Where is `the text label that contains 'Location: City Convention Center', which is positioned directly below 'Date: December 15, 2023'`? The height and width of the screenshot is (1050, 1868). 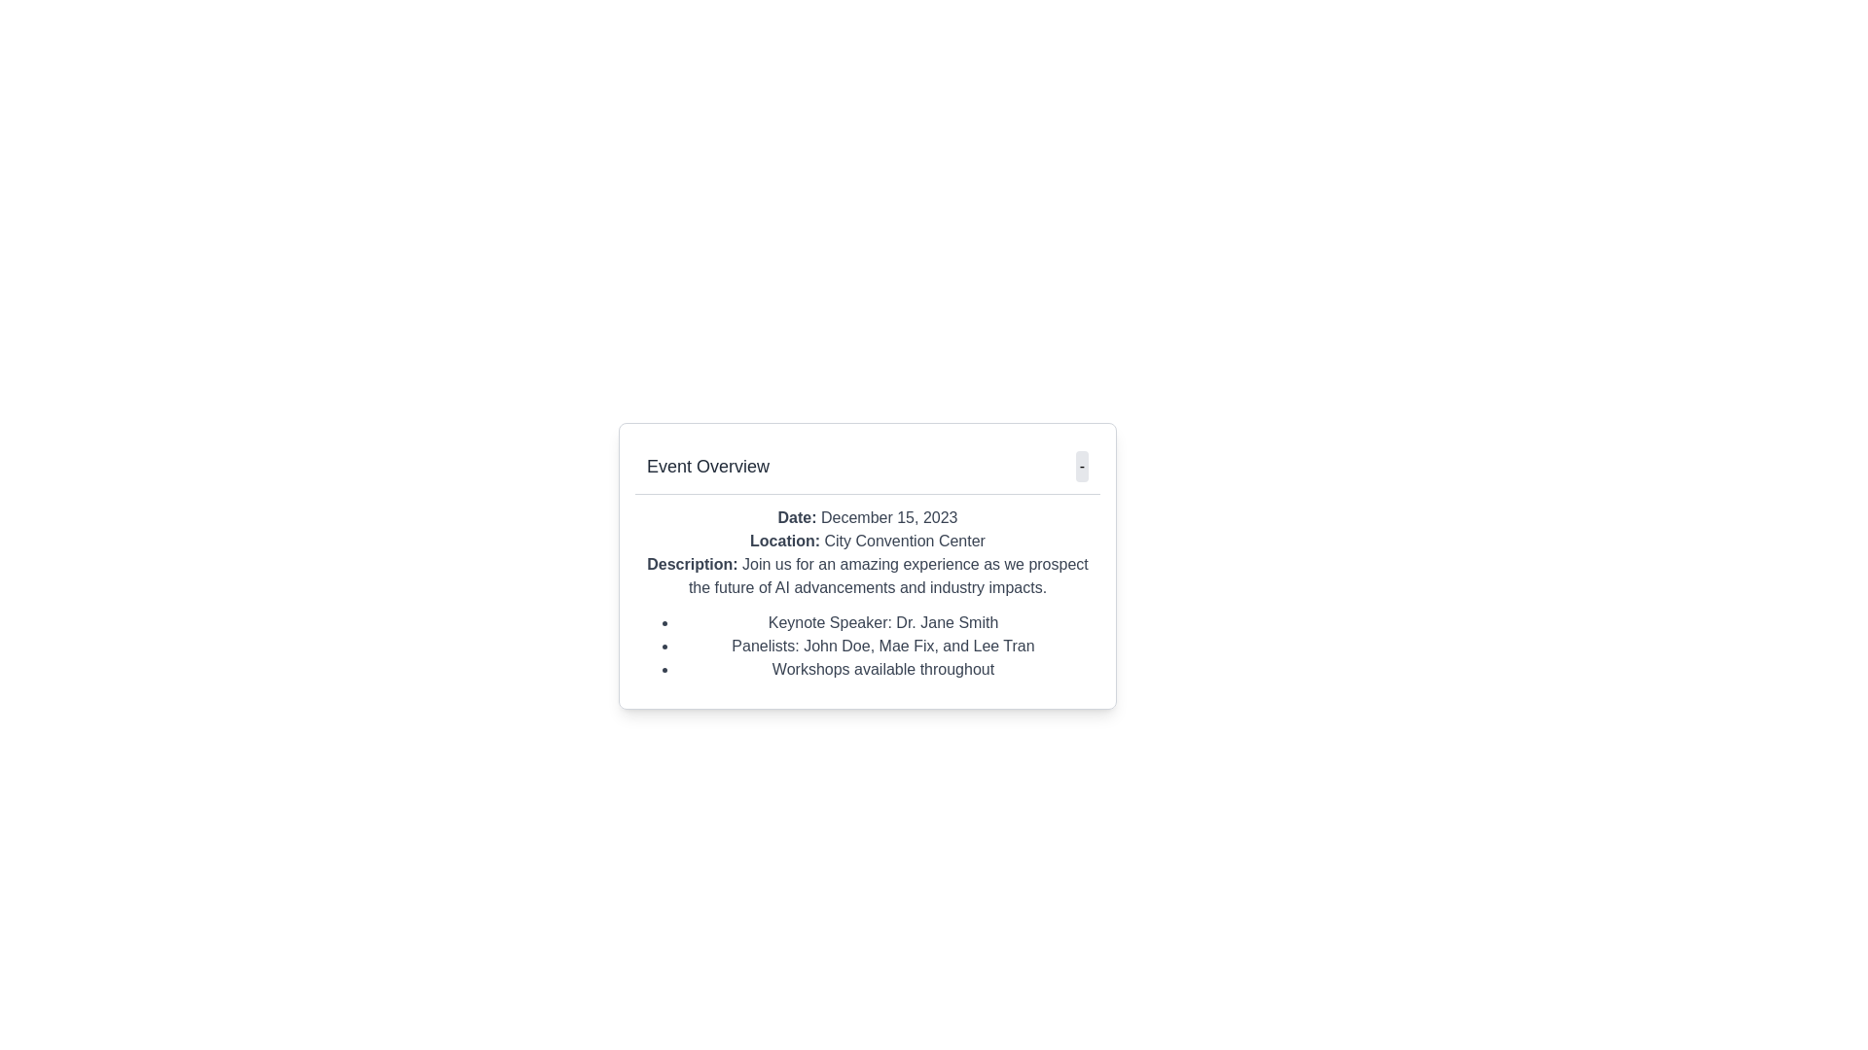
the text label that contains 'Location: City Convention Center', which is positioned directly below 'Date: December 15, 2023' is located at coordinates (867, 541).